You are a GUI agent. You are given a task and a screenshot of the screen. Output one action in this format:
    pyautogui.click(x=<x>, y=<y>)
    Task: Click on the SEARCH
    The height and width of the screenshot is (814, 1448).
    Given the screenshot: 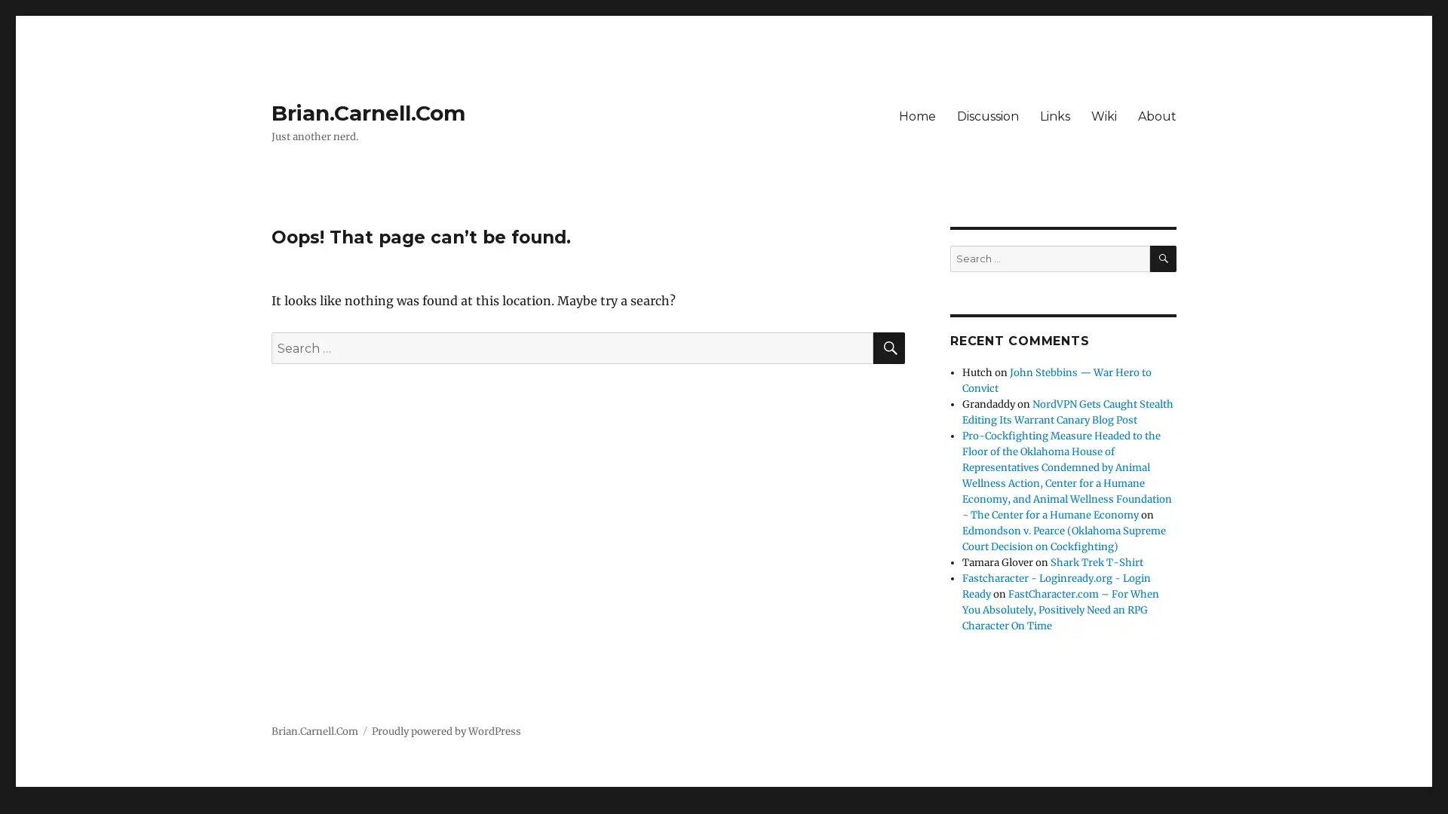 What is the action you would take?
    pyautogui.click(x=889, y=348)
    